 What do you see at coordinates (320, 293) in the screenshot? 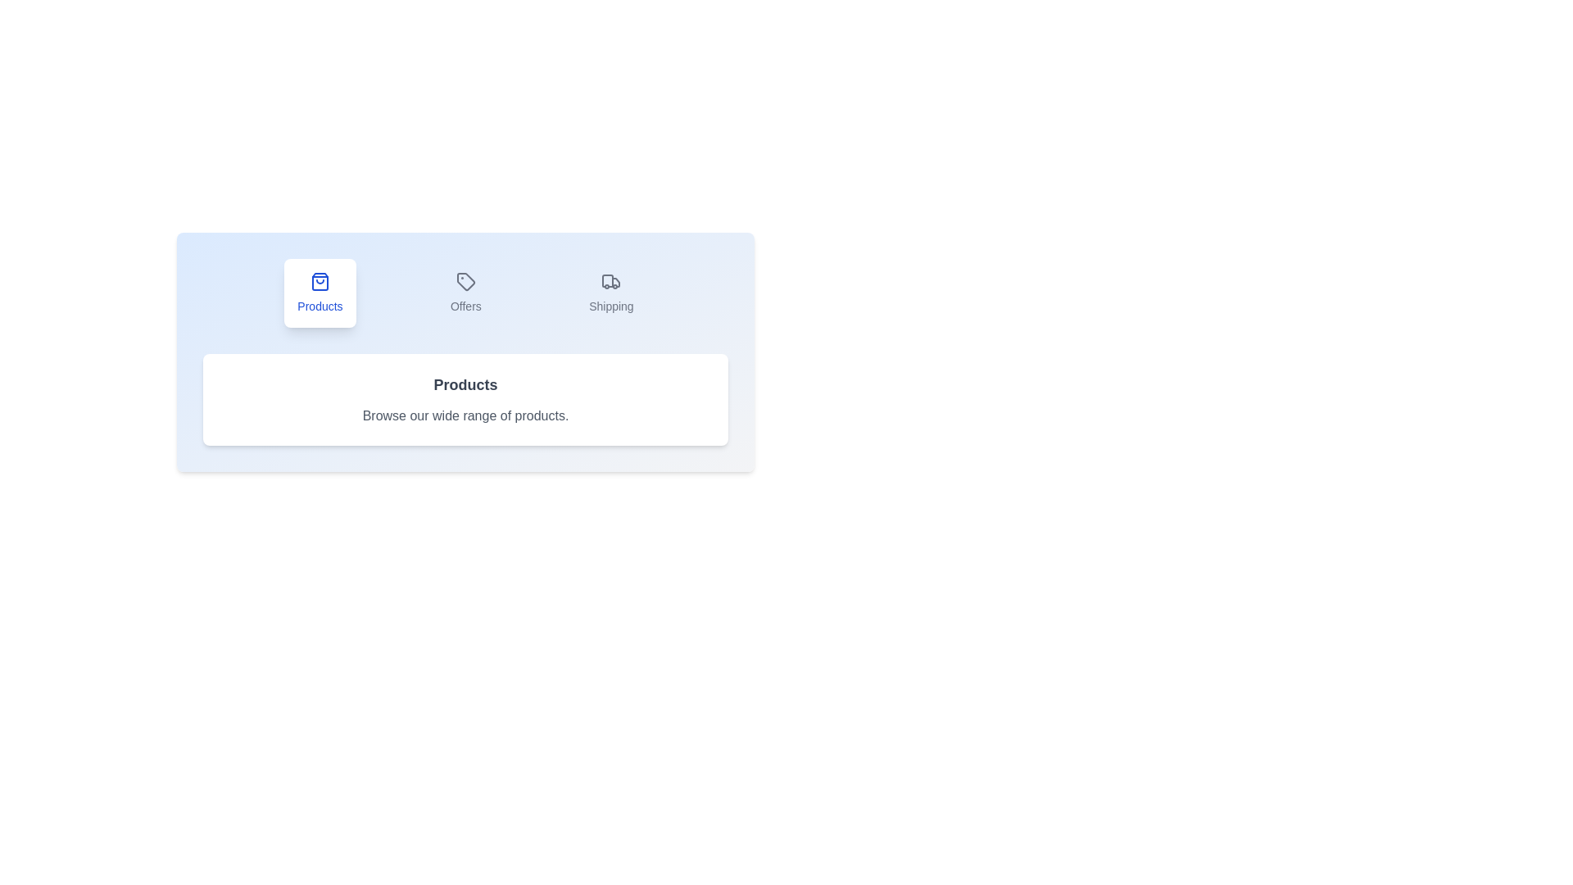
I see `the tab labeled Products to observe the hover effect` at bounding box center [320, 293].